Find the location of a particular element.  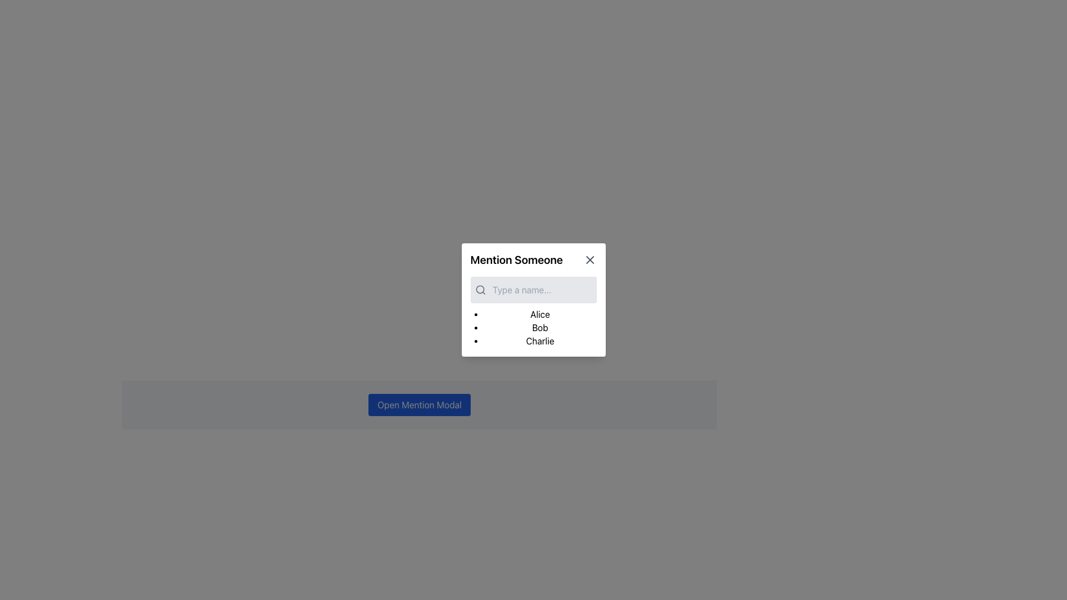

the text 'Charlie' which is the third item in the vertical bullet list within the 'Mention Someone' popup dialog is located at coordinates (540, 340).